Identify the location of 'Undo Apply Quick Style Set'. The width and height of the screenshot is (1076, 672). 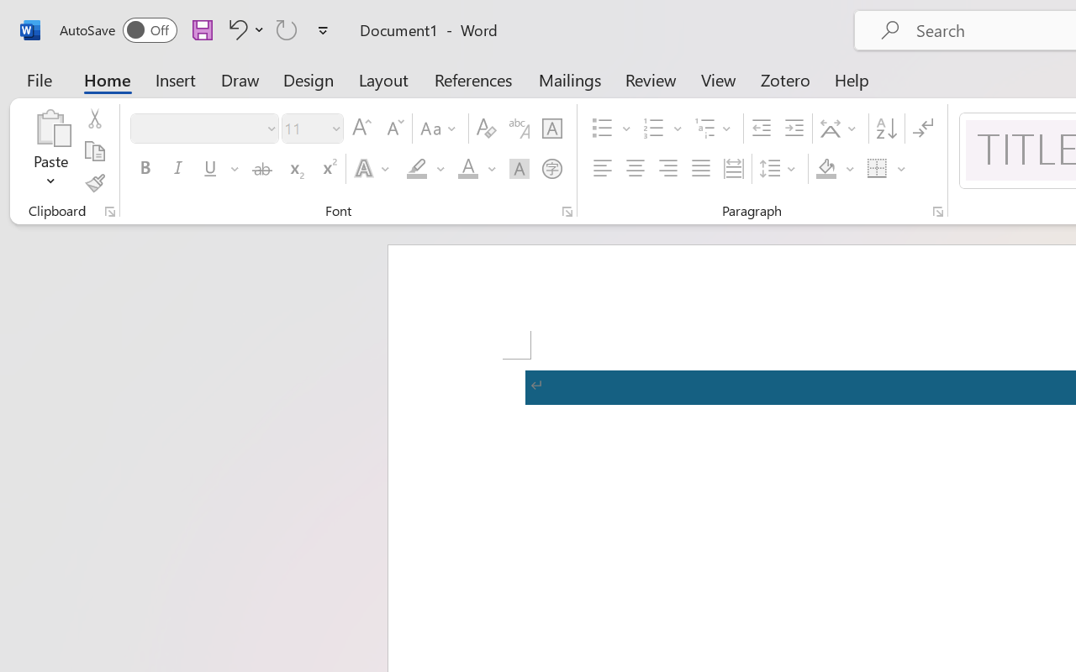
(235, 29).